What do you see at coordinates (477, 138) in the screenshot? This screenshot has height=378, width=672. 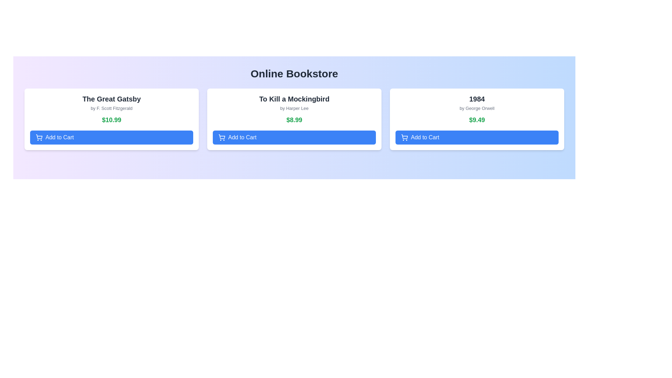 I see `the button located at the bottom-right corner of the card displaying the book '1984' by George Orwell` at bounding box center [477, 138].